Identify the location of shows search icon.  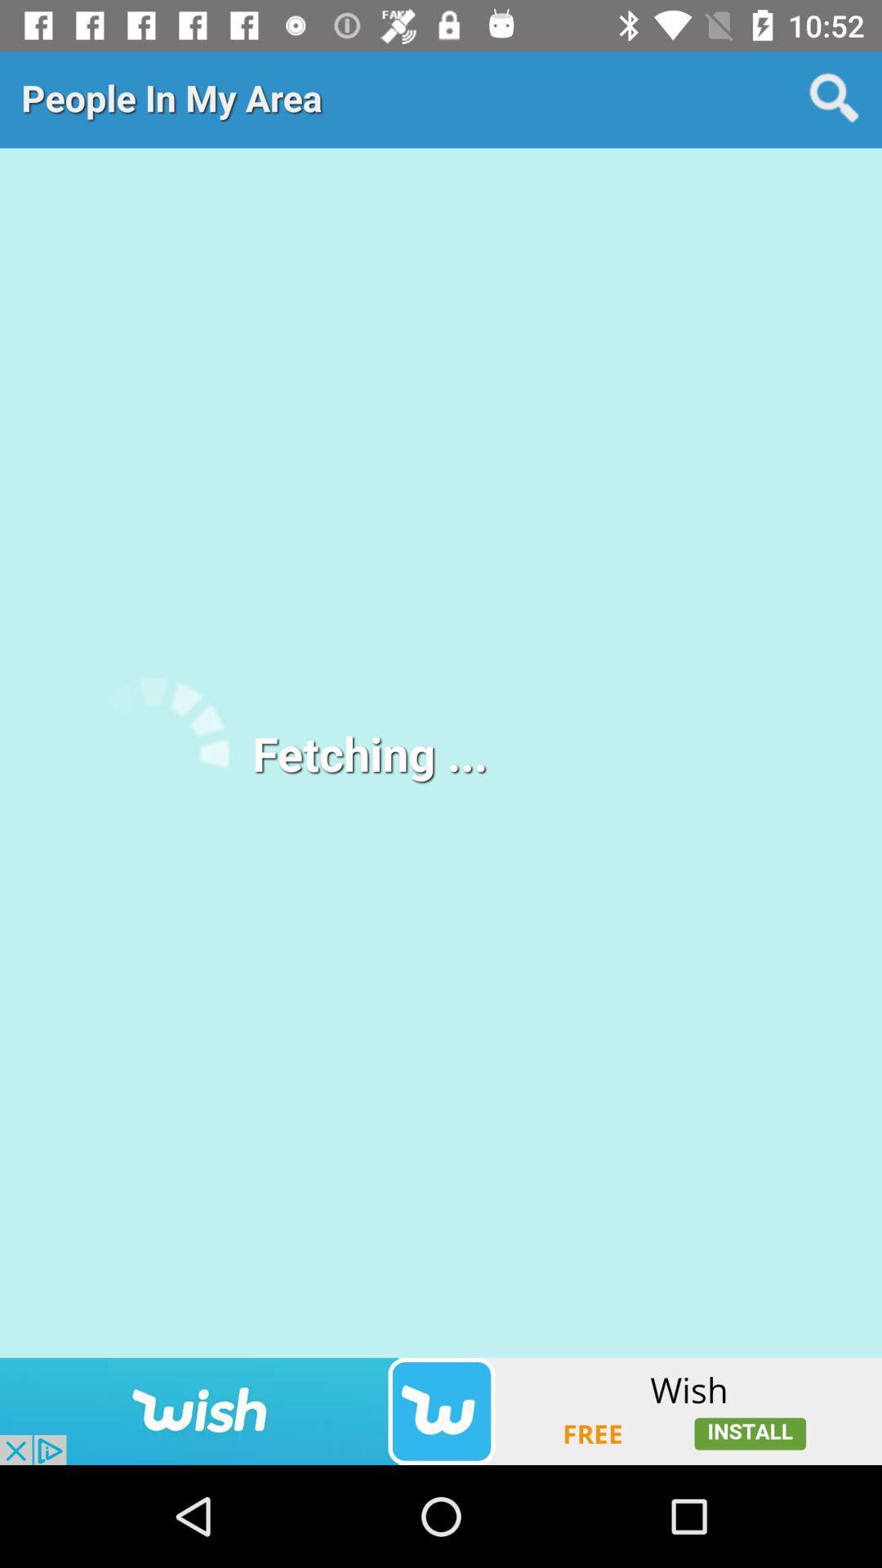
(834, 98).